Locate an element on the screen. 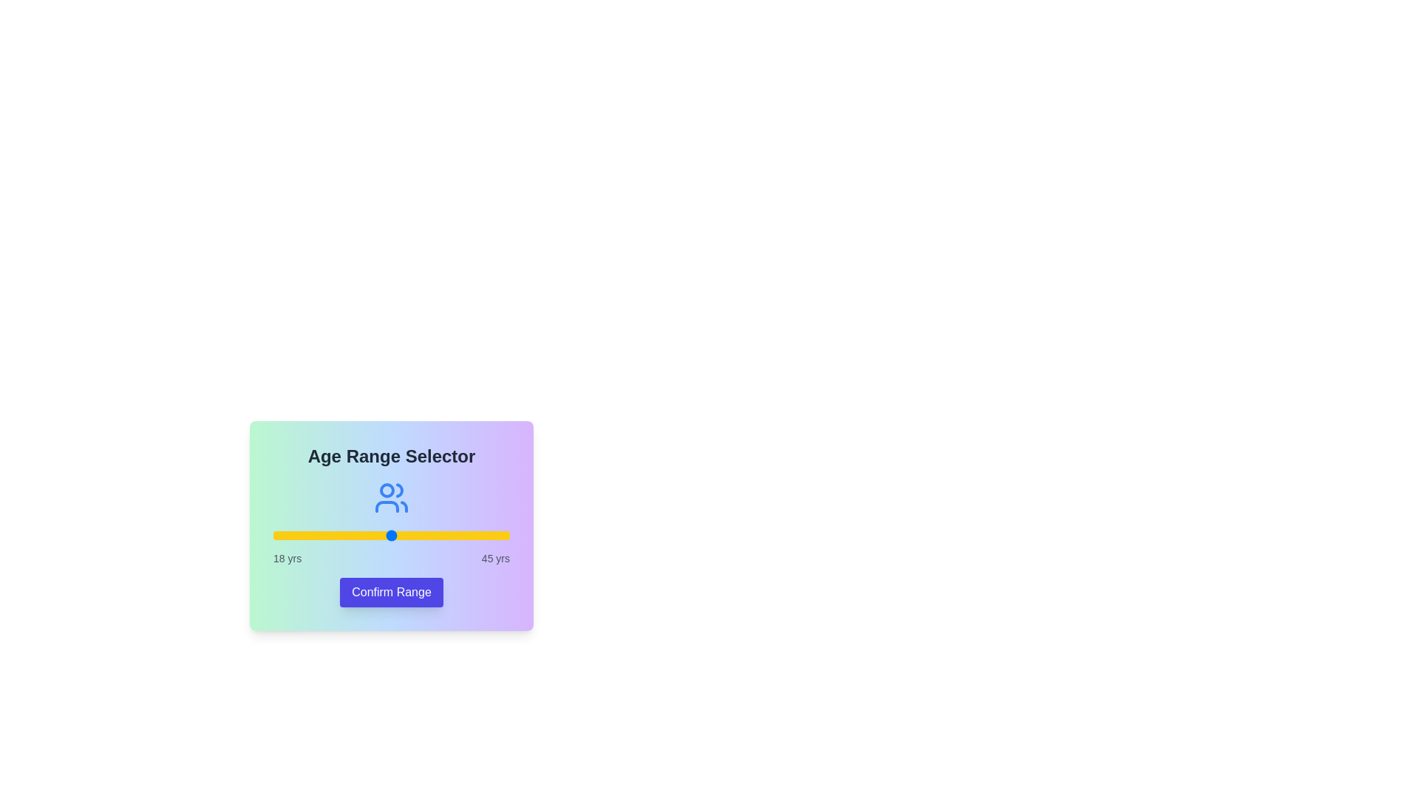 Image resolution: width=1419 pixels, height=798 pixels. 'Confirm Range' button to confirm the selection is located at coordinates (391, 592).